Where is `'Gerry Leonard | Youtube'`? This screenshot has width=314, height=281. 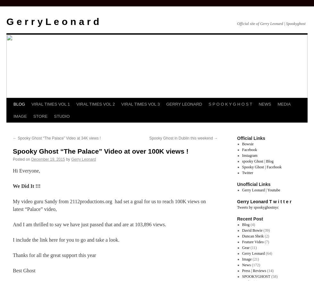 'Gerry Leonard | Youtube' is located at coordinates (261, 190).